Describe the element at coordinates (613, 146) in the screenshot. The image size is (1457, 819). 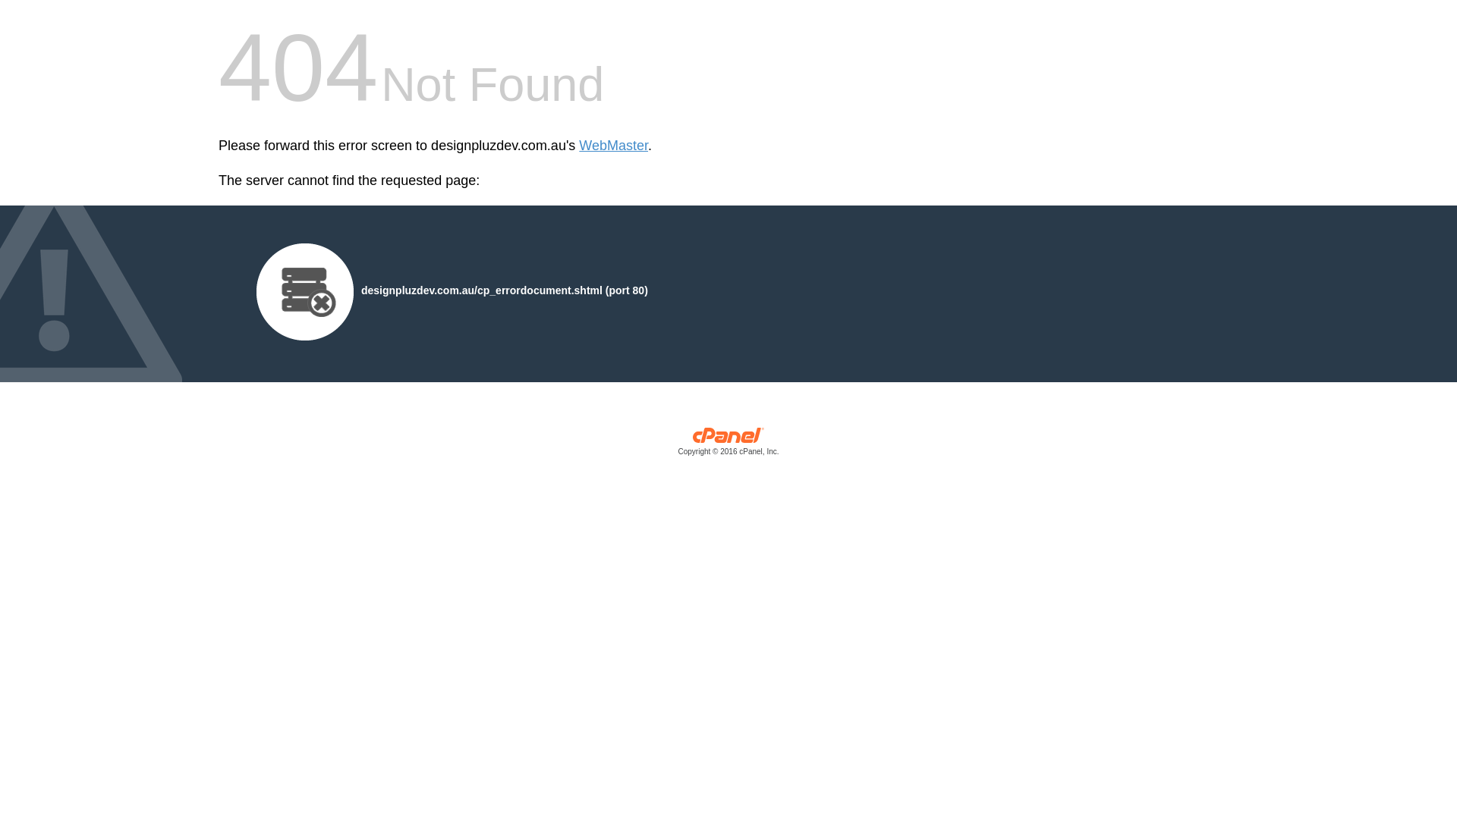
I see `'WebMaster'` at that location.